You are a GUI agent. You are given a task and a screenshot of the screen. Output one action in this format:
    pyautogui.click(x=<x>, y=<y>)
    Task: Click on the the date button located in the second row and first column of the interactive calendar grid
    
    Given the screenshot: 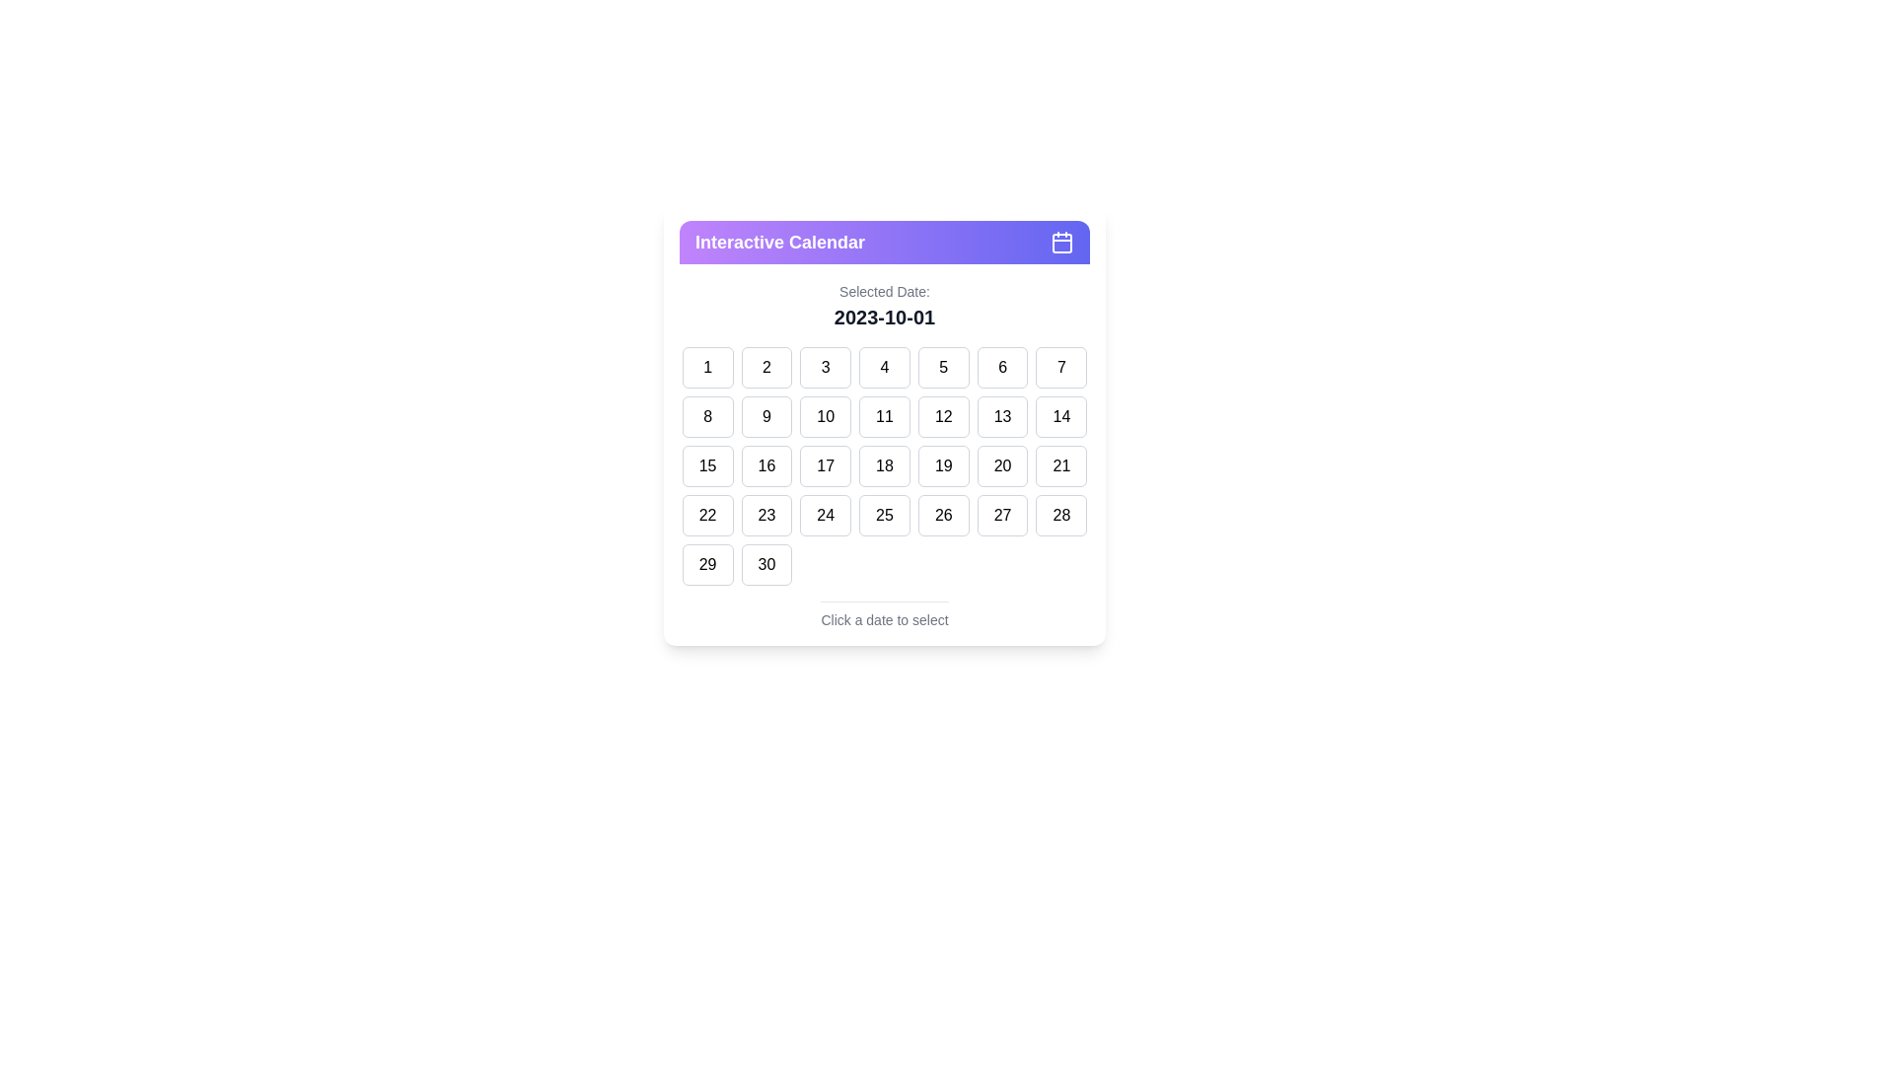 What is the action you would take?
    pyautogui.click(x=707, y=416)
    